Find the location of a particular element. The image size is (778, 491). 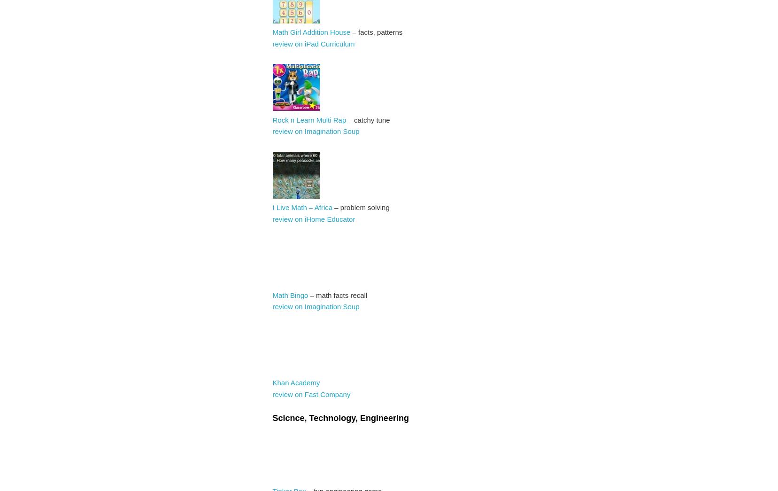

'– catchy tune' is located at coordinates (367, 119).